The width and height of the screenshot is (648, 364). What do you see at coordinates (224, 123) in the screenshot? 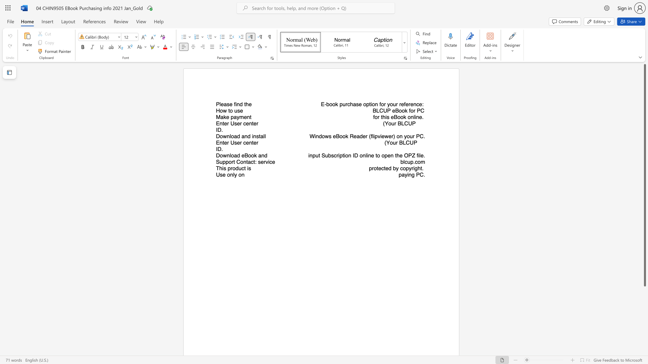
I see `the subset text "er User center" within the text "Enter User center"` at bounding box center [224, 123].